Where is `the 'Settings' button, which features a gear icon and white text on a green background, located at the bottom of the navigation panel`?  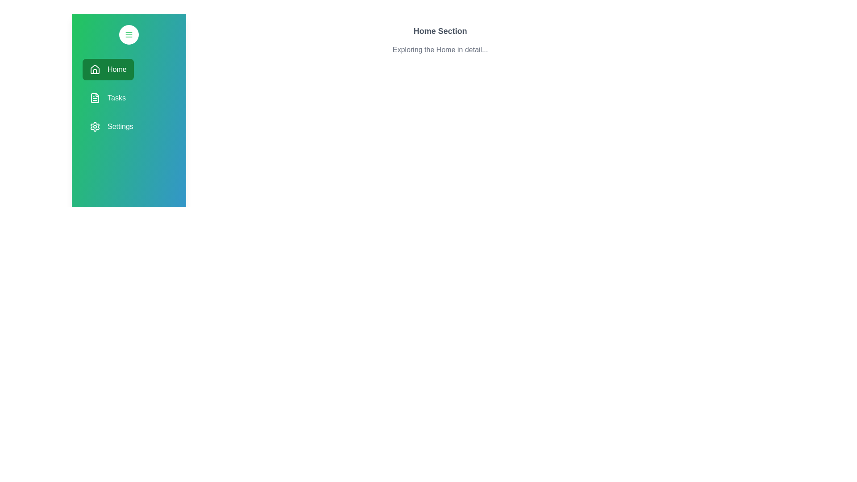 the 'Settings' button, which features a gear icon and white text on a green background, located at the bottom of the navigation panel is located at coordinates (111, 127).